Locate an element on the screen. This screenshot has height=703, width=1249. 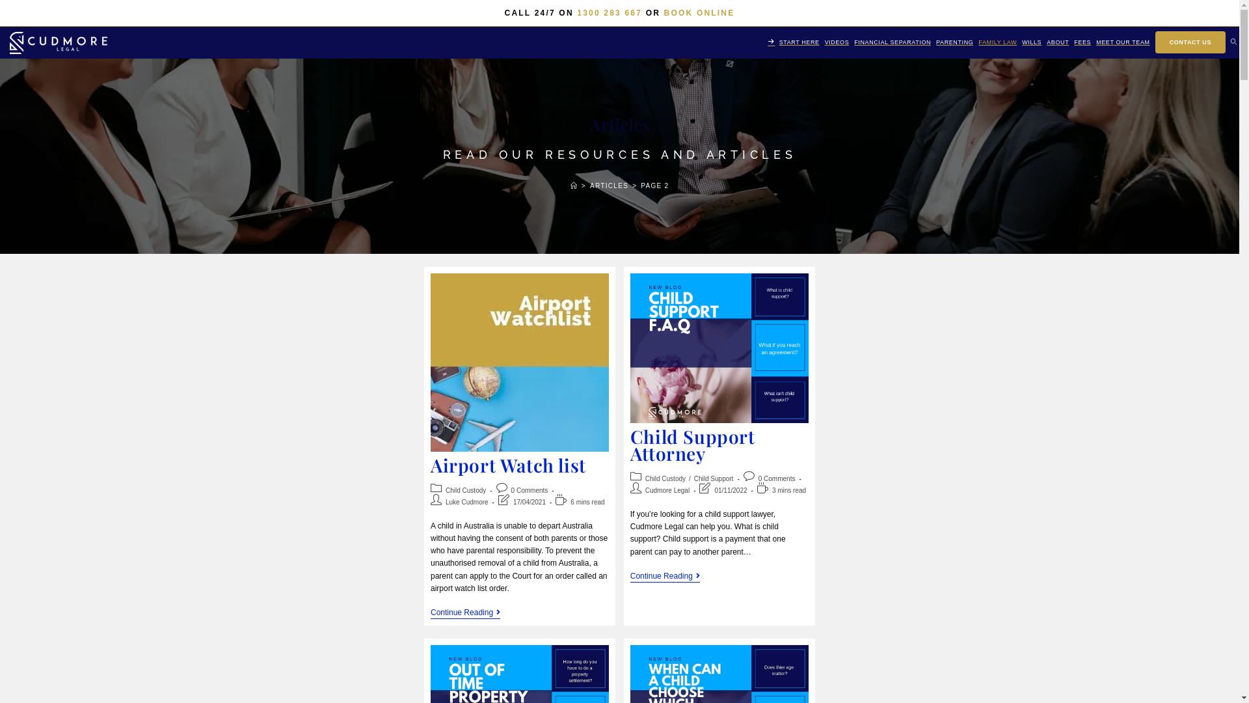
'CONTACT US' is located at coordinates (1152, 42).